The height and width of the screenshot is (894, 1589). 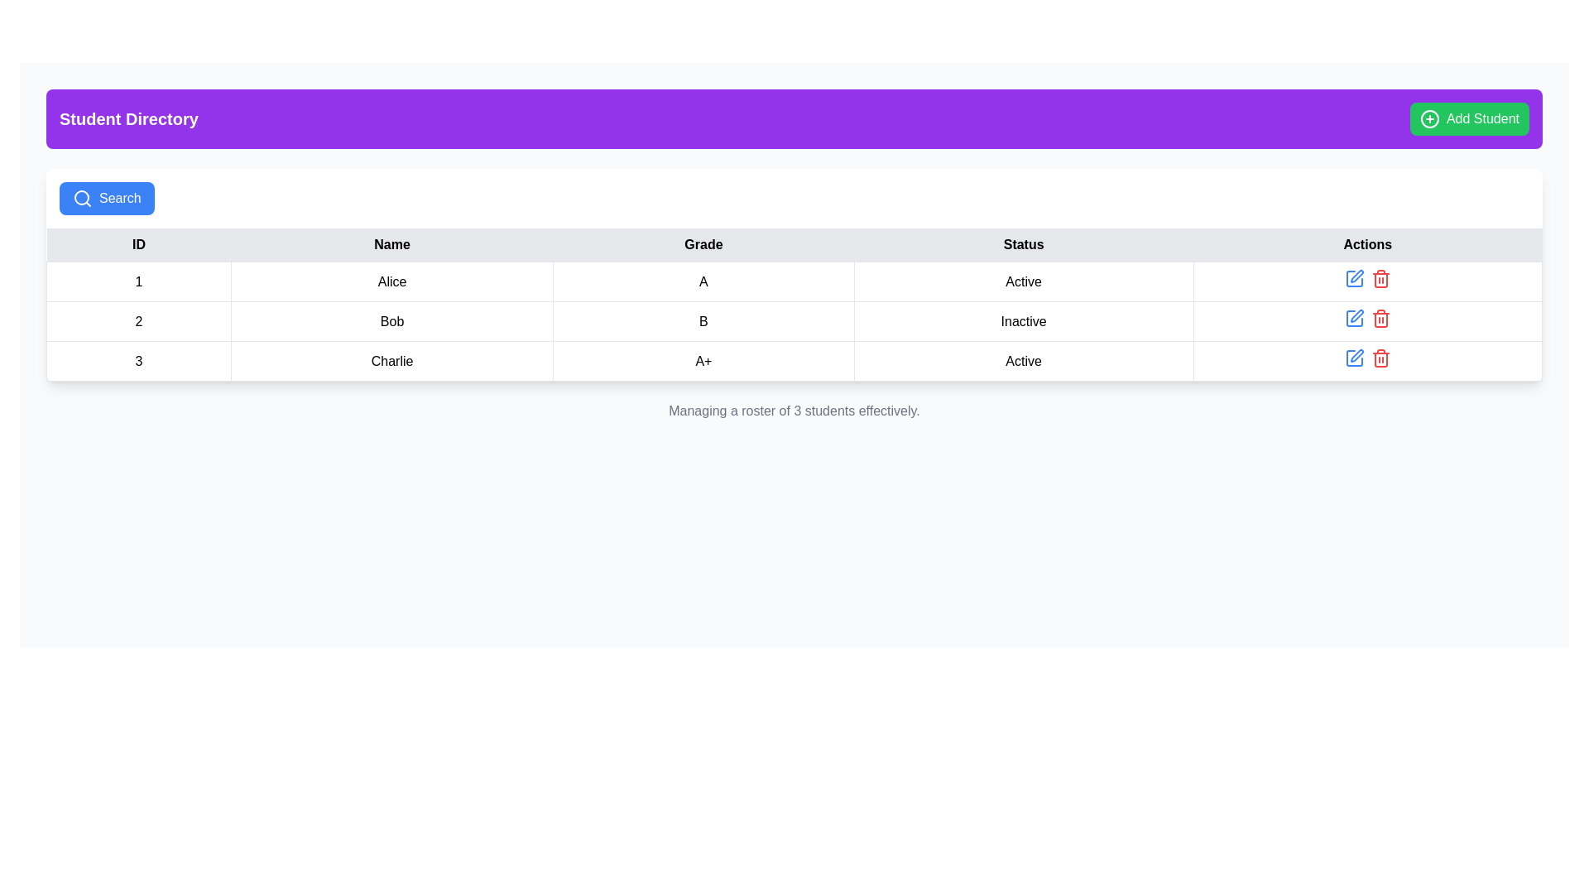 I want to click on the magnifying glass icon, which is positioned on the left side of the blue 'Search' button at the top-left corner of the data table, so click(x=82, y=197).